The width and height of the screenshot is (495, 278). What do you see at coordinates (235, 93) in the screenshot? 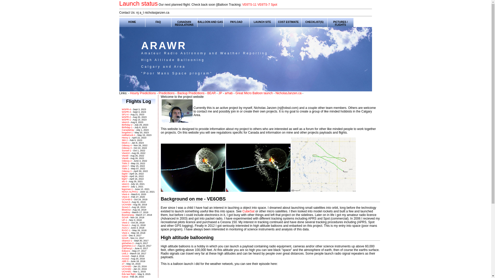
I see `'Great Micro Balloon launch'` at bounding box center [235, 93].